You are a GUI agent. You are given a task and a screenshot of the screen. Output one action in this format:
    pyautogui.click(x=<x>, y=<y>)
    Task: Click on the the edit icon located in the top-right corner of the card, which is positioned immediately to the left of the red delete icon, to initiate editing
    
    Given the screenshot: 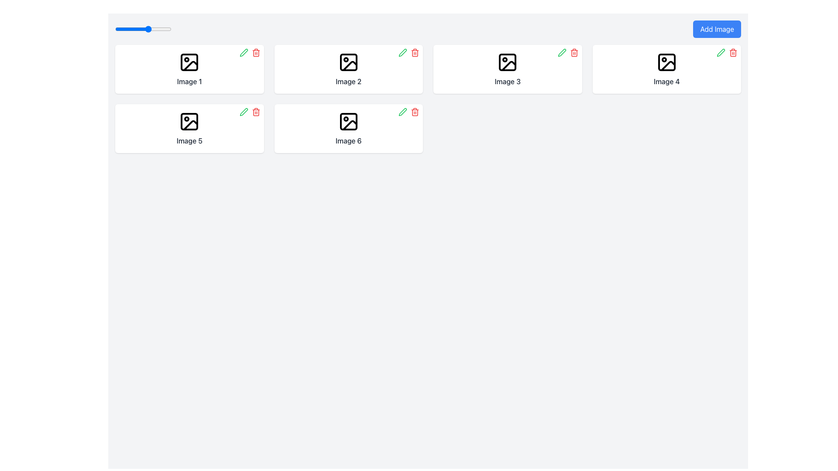 What is the action you would take?
    pyautogui.click(x=244, y=112)
    